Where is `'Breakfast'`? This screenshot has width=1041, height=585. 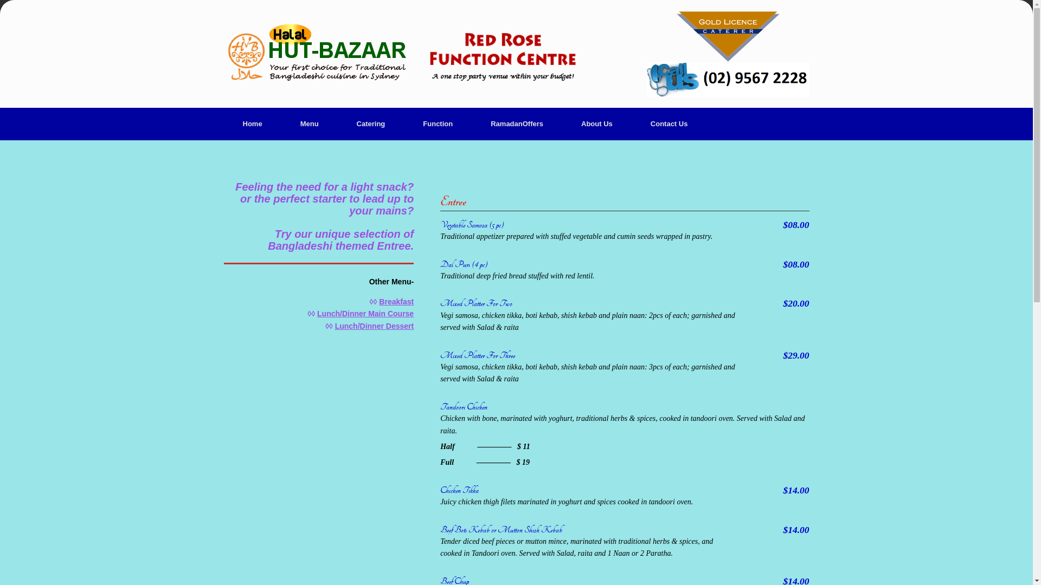
'Breakfast' is located at coordinates (395, 301).